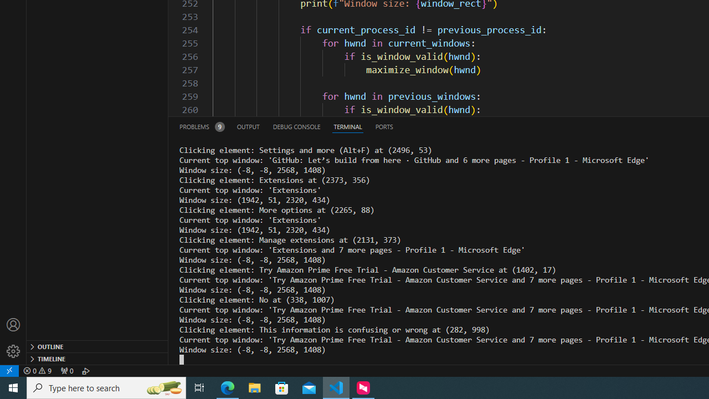  I want to click on 'Outline Section', so click(97, 345).